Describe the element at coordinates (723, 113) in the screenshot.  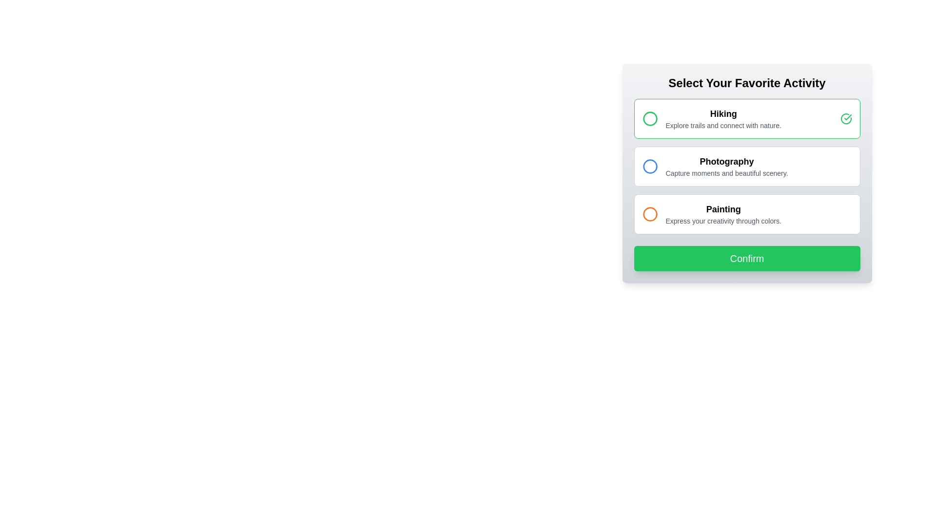
I see `the 'Hiking' activity heading located at the top of the list within the card-like interface` at that location.